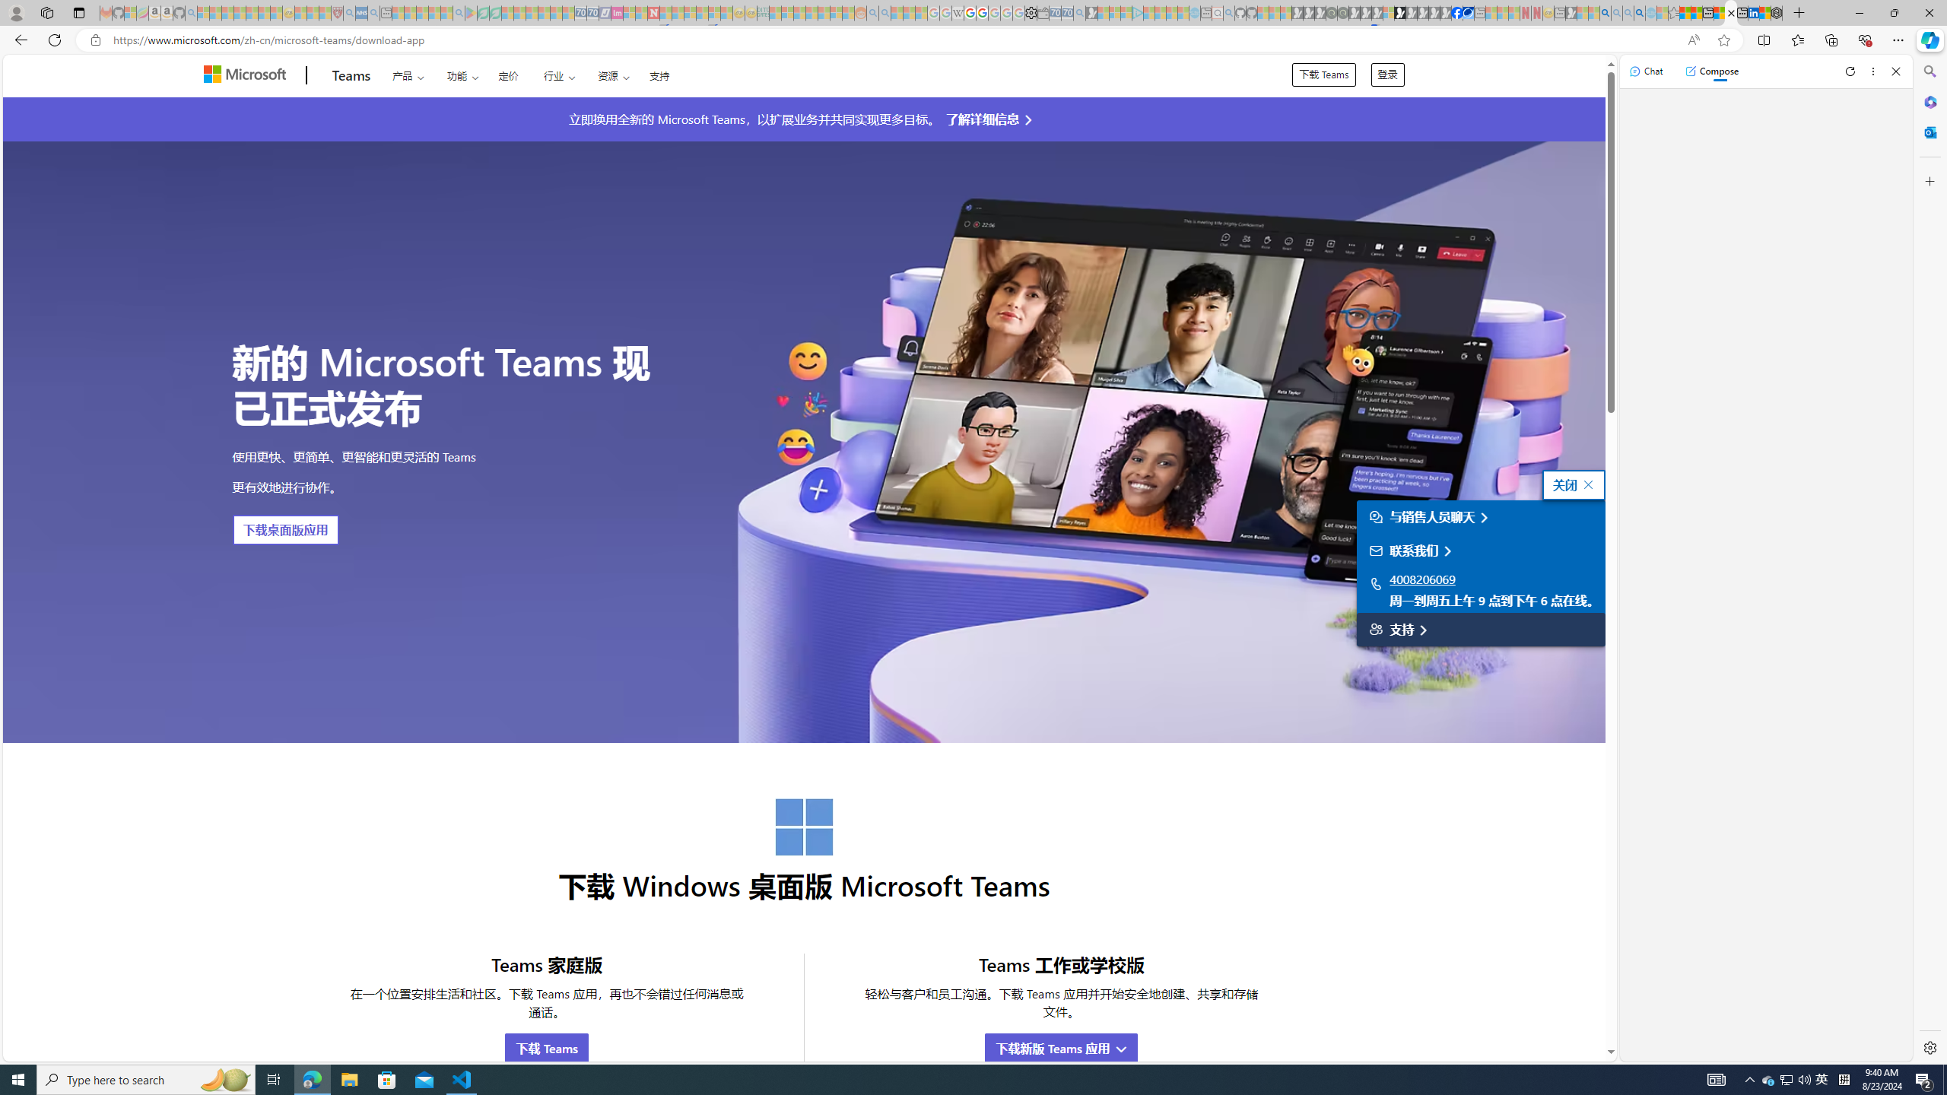  Describe the element at coordinates (970, 12) in the screenshot. I see `'Privacy Help Center - Policies Help'` at that location.